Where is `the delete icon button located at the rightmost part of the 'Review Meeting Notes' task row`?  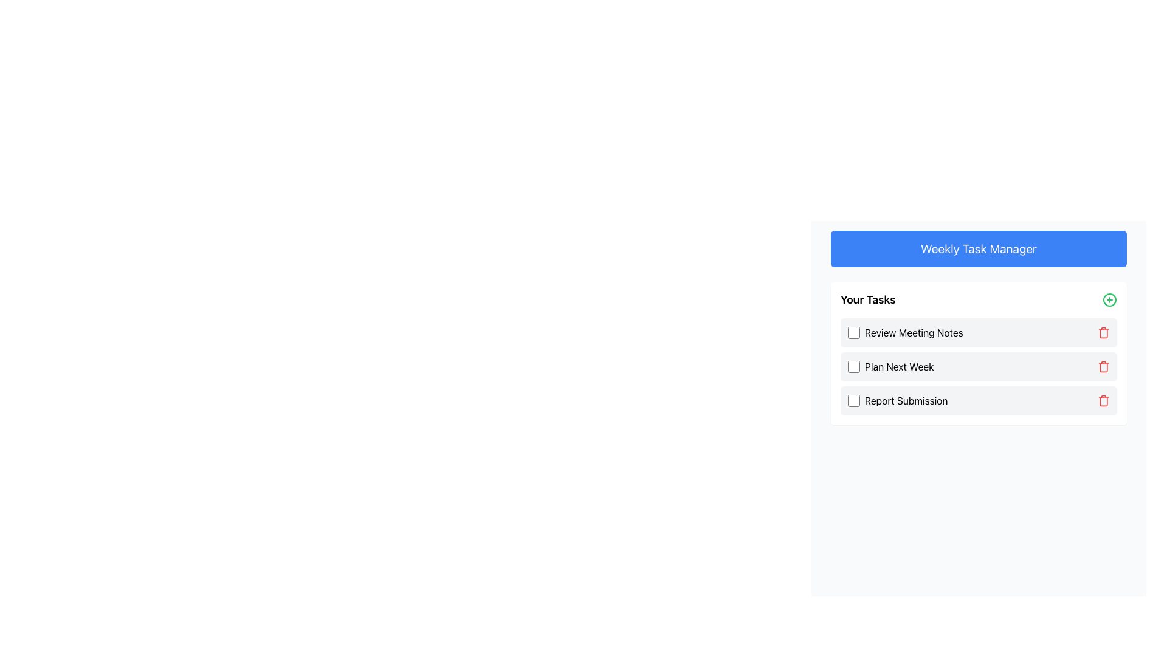 the delete icon button located at the rightmost part of the 'Review Meeting Notes' task row is located at coordinates (1103, 332).